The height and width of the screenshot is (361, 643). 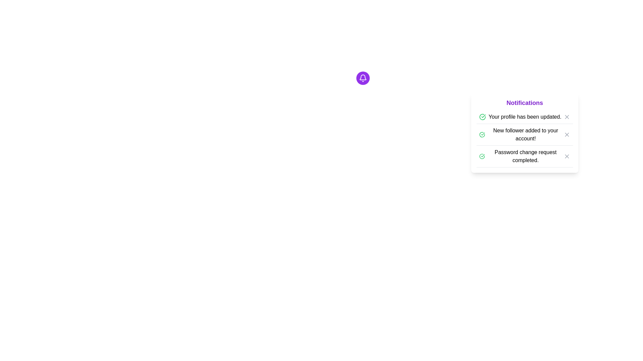 I want to click on the Notification Message displaying 'Password change request completed.' with a green checkmark icon and a close button on the right, so click(x=525, y=156).